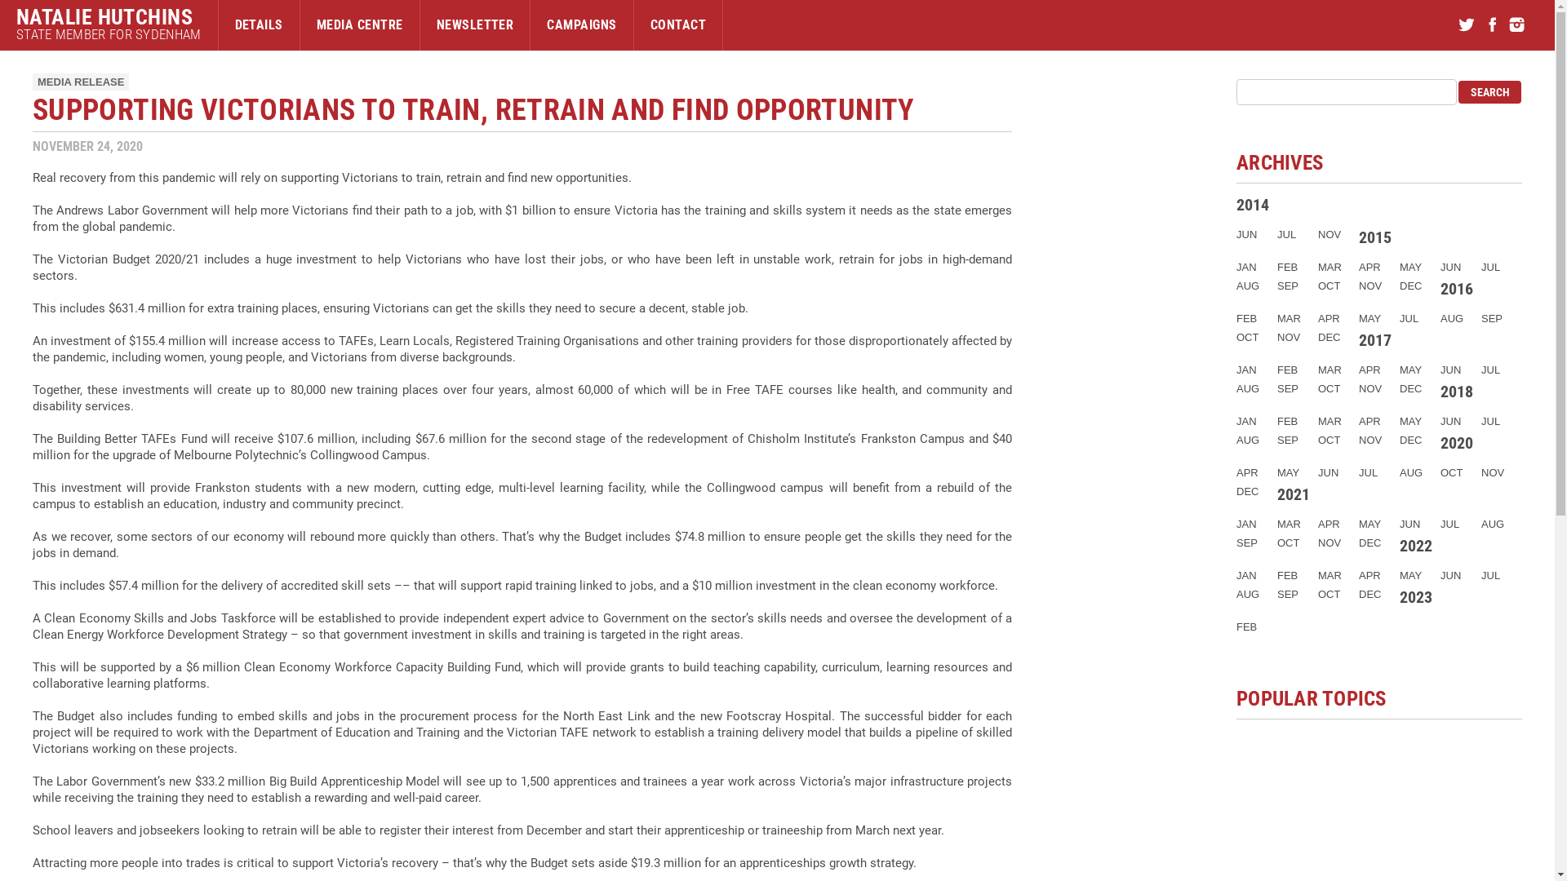  What do you see at coordinates (1330, 266) in the screenshot?
I see `'MAR'` at bounding box center [1330, 266].